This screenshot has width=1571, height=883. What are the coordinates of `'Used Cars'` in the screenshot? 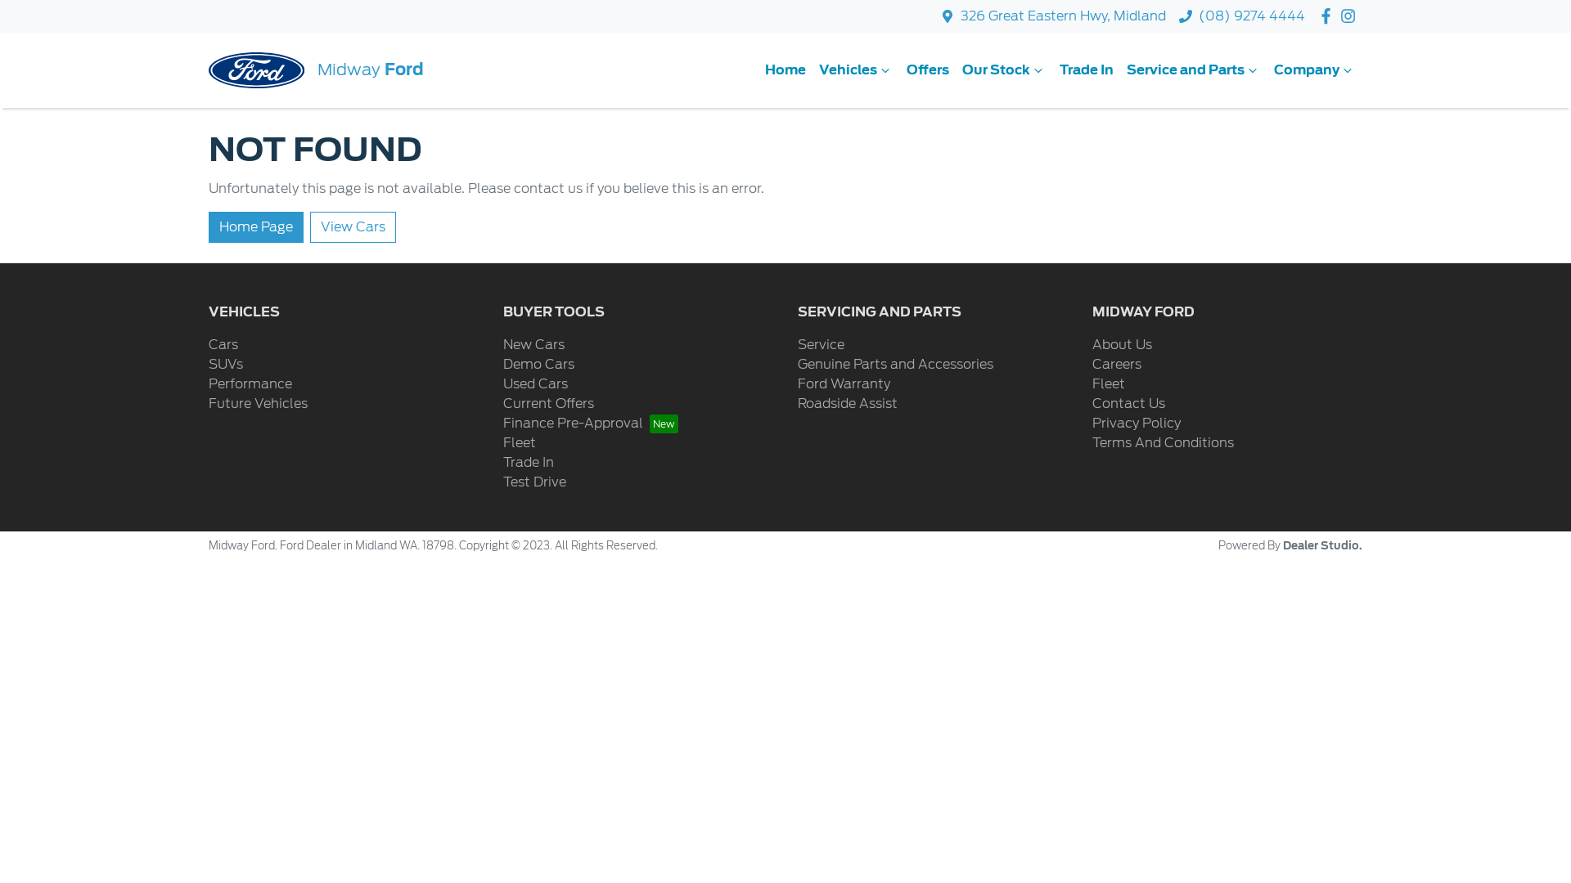 It's located at (535, 383).